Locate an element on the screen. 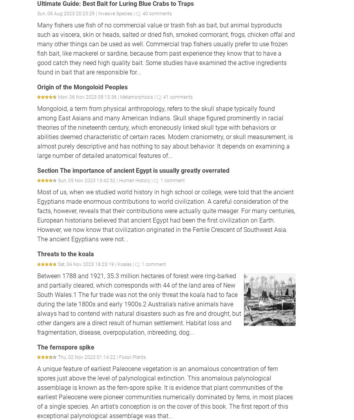 Image resolution: width=354 pixels, height=420 pixels. 'Sat, 04 Nov 2023 18:23:19                                    |' is located at coordinates (88, 263).